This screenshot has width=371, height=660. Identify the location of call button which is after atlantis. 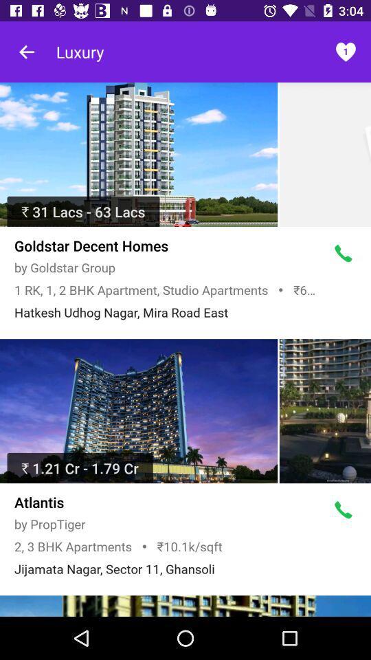
(343, 509).